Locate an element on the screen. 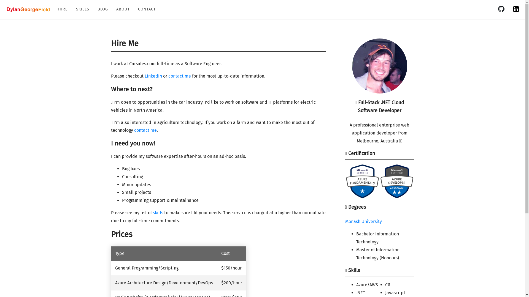  'HIRE' is located at coordinates (63, 10).